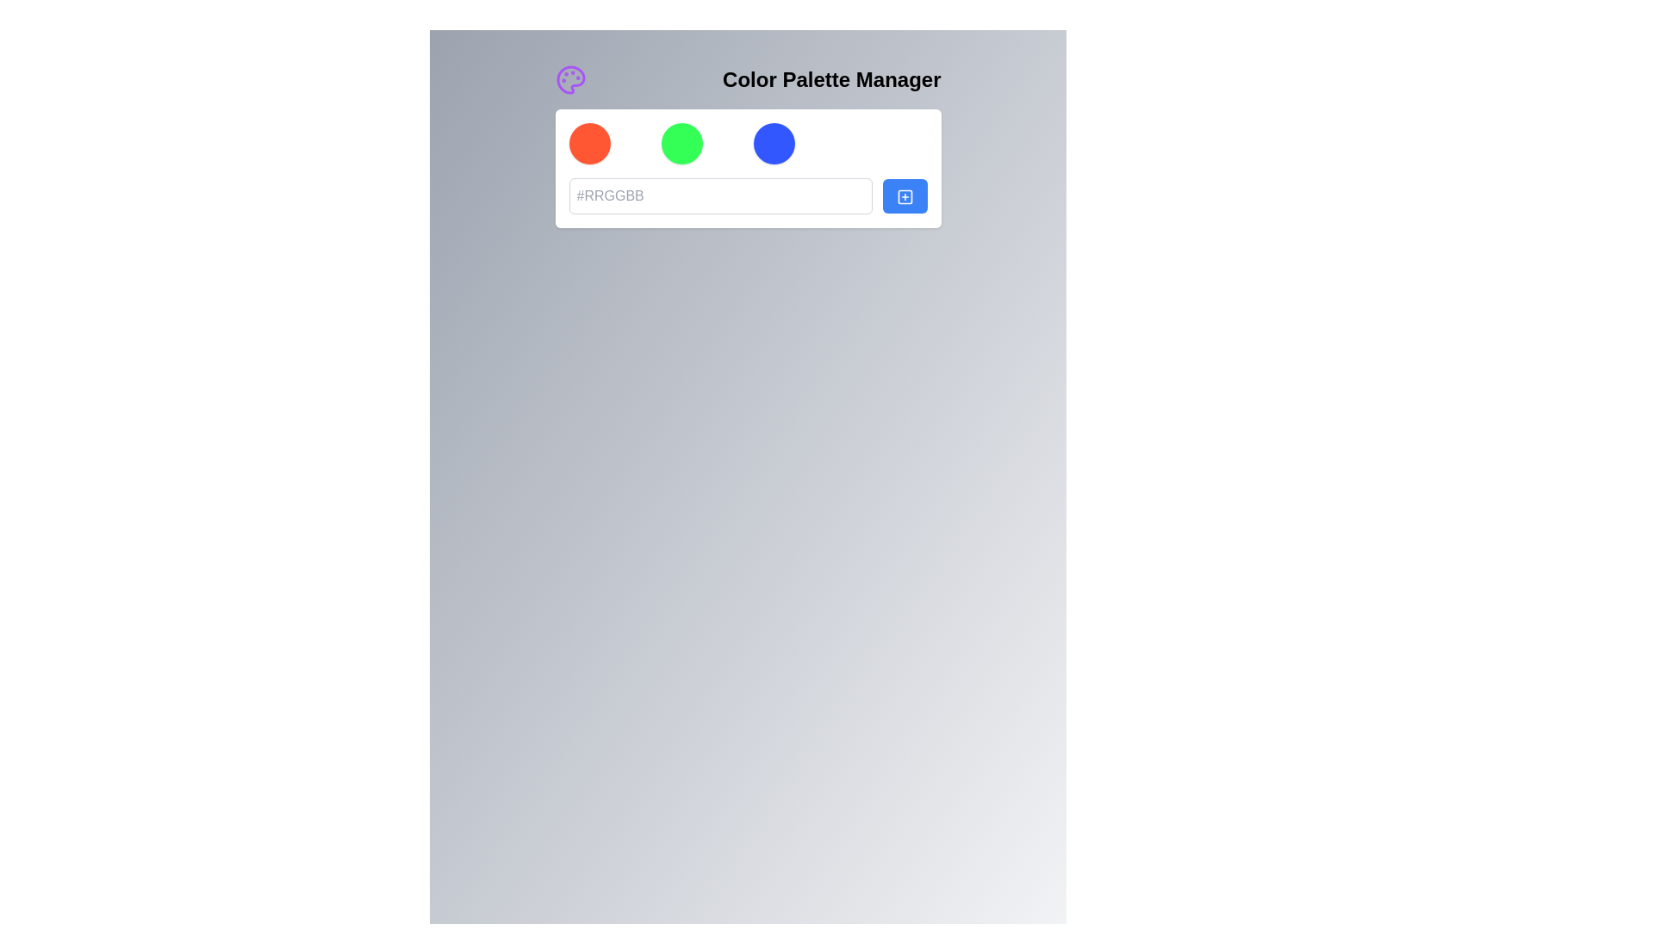  I want to click on the color palette icon located at the top-left area of the user interface, near the 'Color Palette Manager' header, so click(570, 79).